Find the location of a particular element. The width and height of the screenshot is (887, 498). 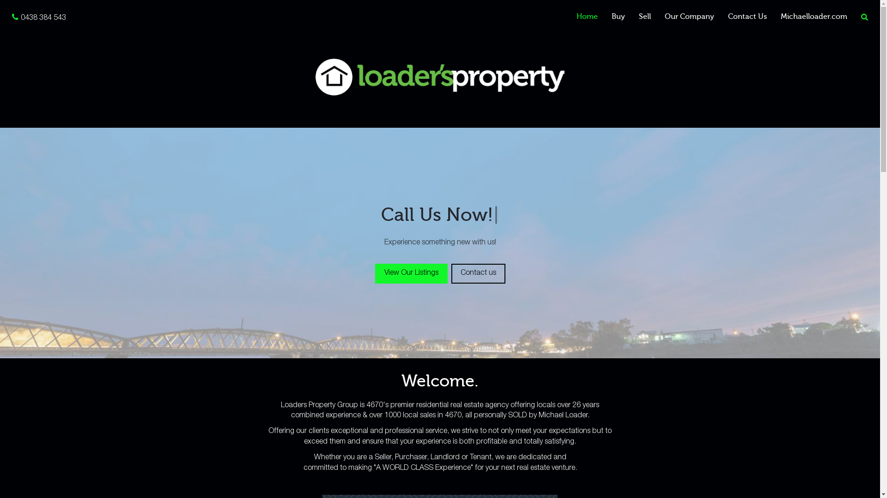

'Buy' is located at coordinates (618, 17).